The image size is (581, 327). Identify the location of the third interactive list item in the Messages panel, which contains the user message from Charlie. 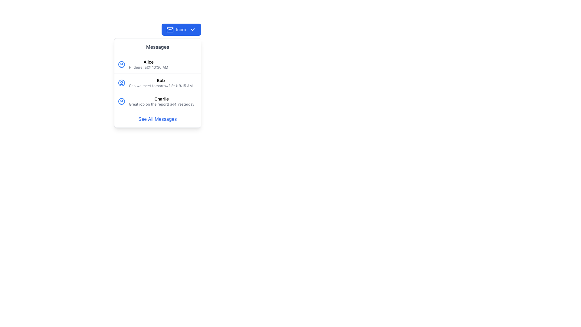
(158, 101).